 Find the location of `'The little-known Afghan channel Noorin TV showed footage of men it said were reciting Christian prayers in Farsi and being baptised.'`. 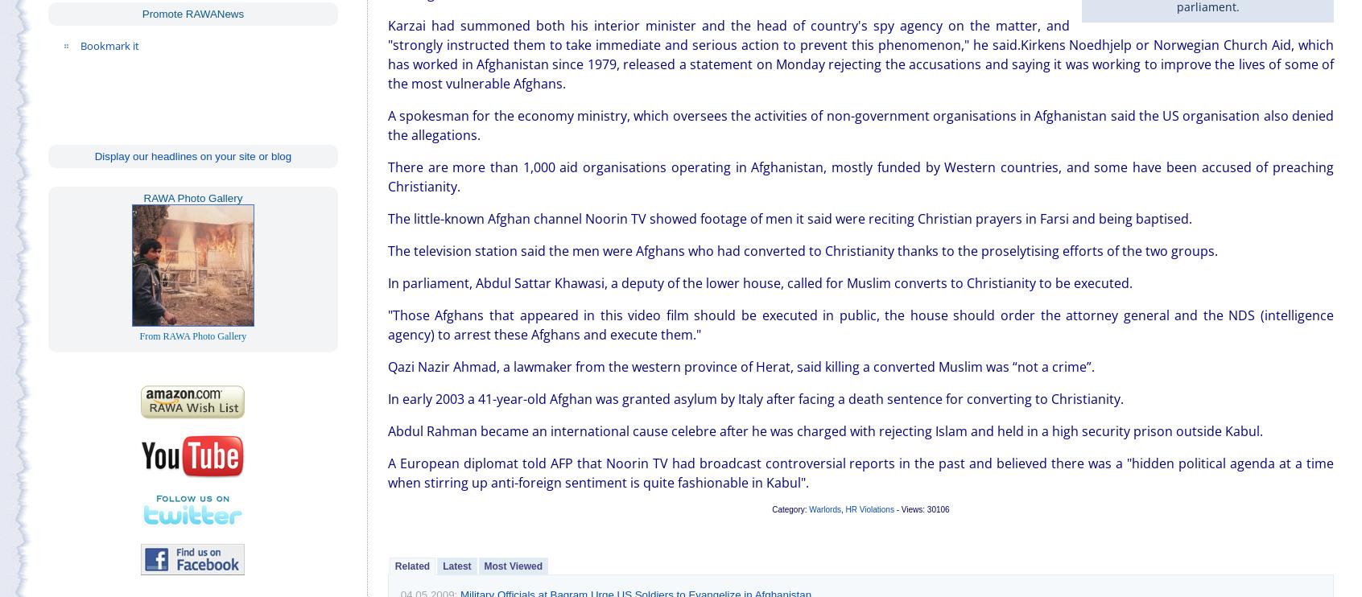

'The little-known Afghan channel Noorin TV showed footage of men it said were reciting Christian prayers in Farsi and being baptised.' is located at coordinates (386, 216).